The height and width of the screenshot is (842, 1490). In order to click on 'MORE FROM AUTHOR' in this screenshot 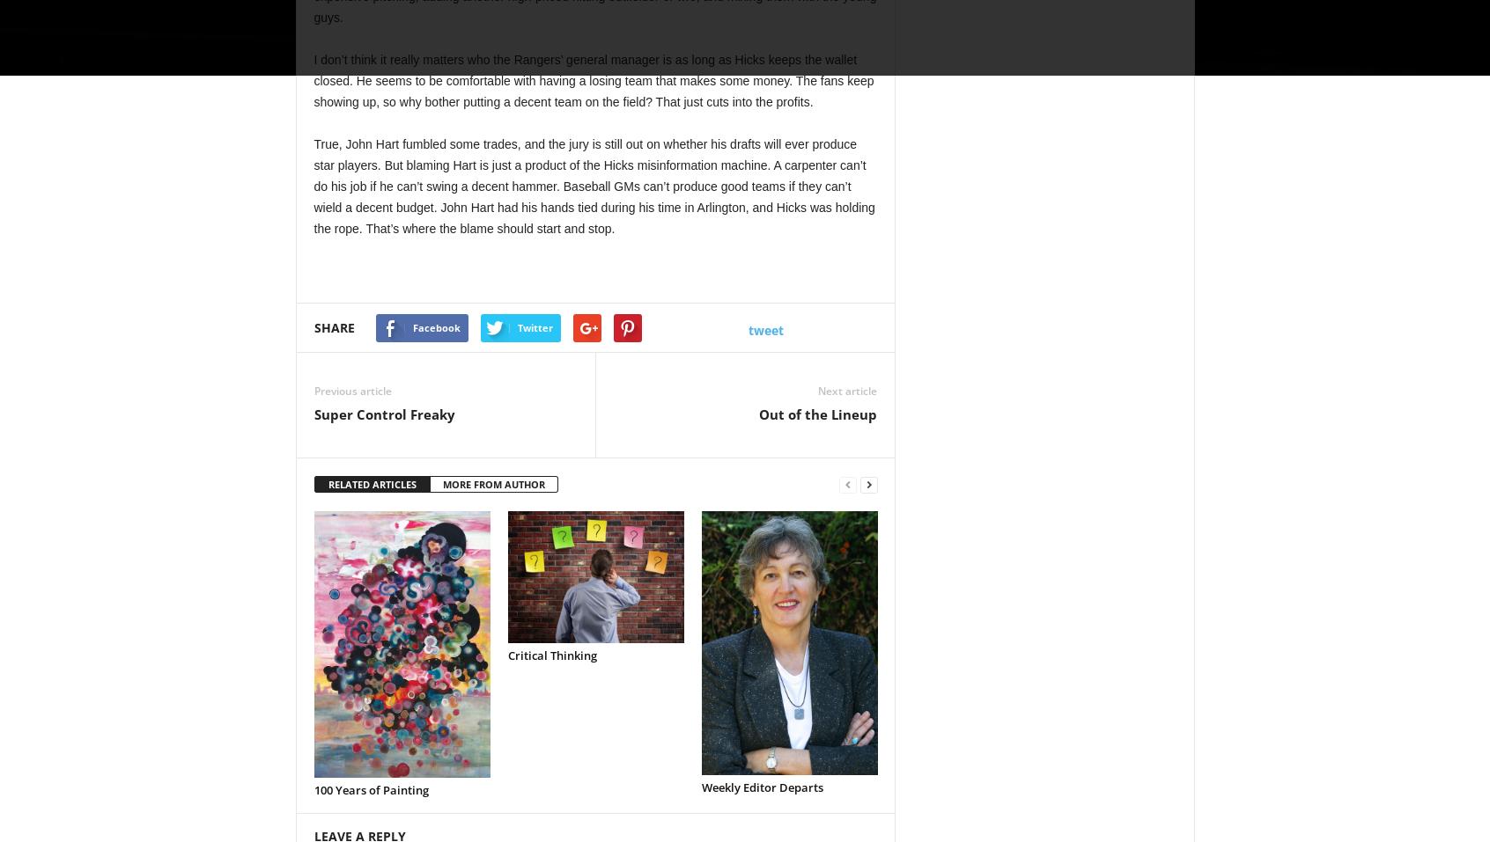, I will do `click(493, 484)`.